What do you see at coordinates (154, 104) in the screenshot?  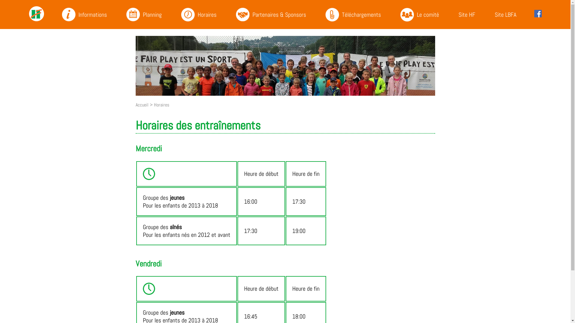 I see `'Horaires'` at bounding box center [154, 104].